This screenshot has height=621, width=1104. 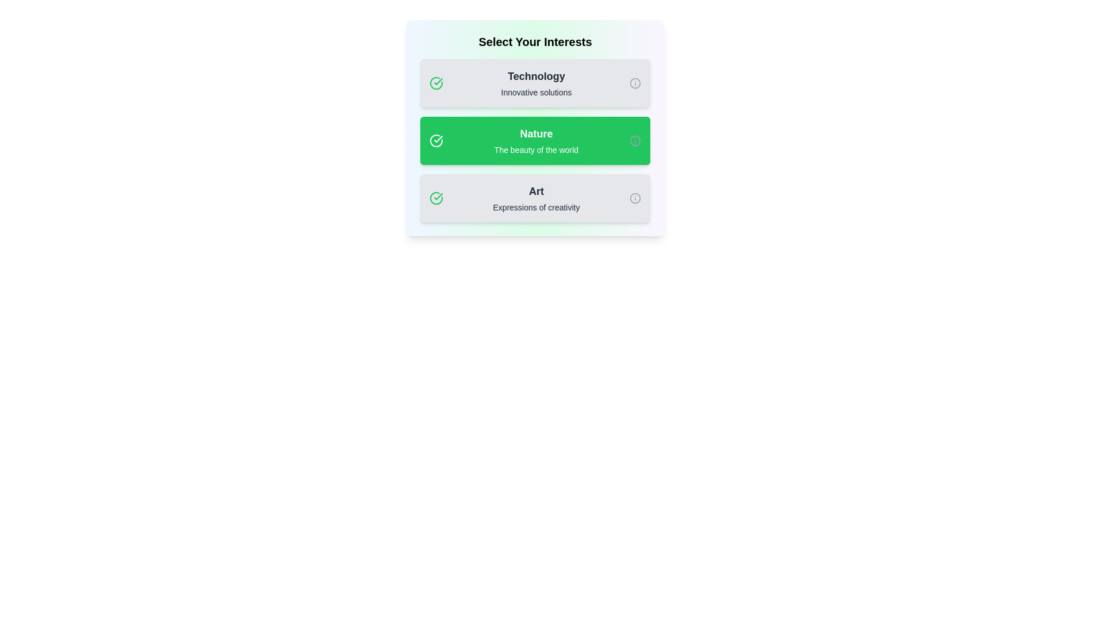 I want to click on the info icon next to the tag labeled 'Art' to read its description, so click(x=634, y=197).